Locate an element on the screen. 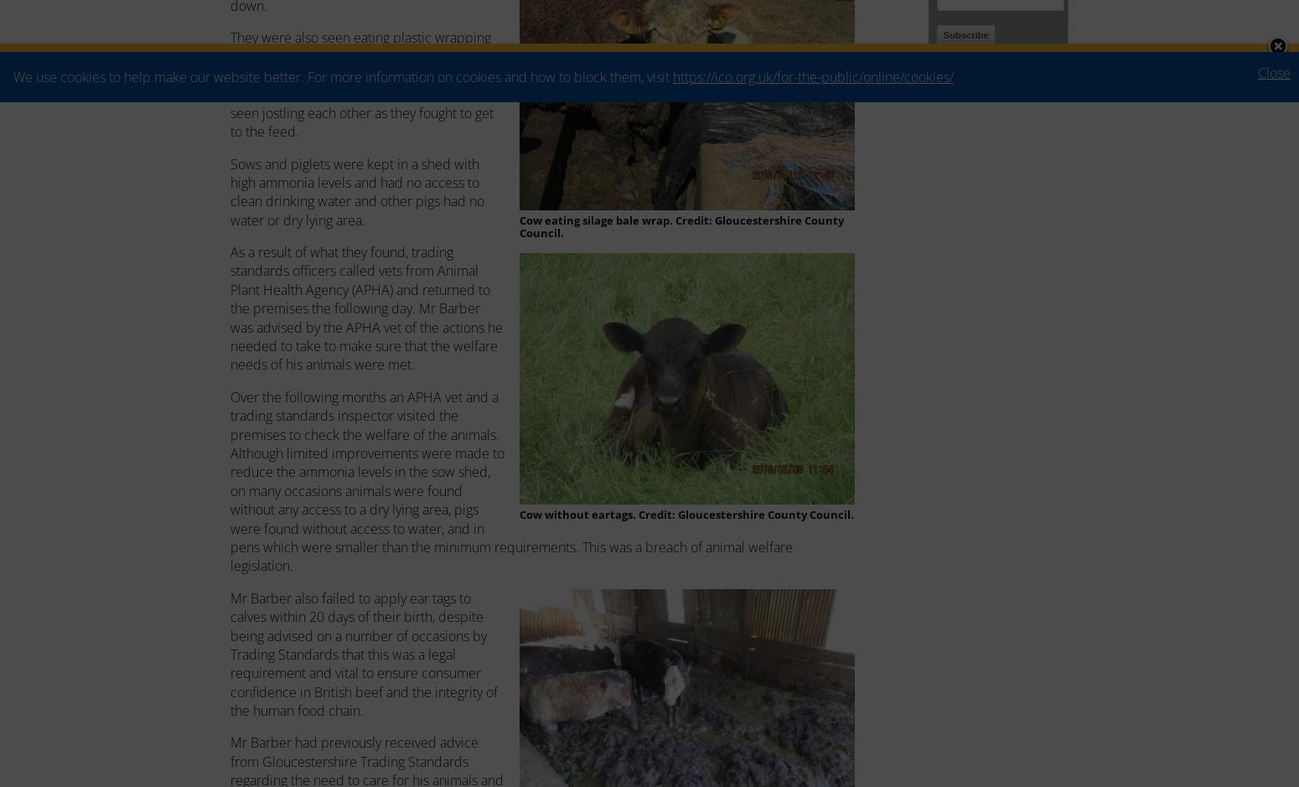 The height and width of the screenshot is (787, 1299). 'Over the following months an APHA vet and a trading standards inspector visited the premises to check the welfare of the animals. Although limited improvements were made to reduce the ammonia levels in the sow shed, on many occasions animals were found without any access to a dry lying area, pigs were found without access to water, and in pens which were smaller than the minimum requirements. This was a breach of animal welfare legislation.' is located at coordinates (511, 480).